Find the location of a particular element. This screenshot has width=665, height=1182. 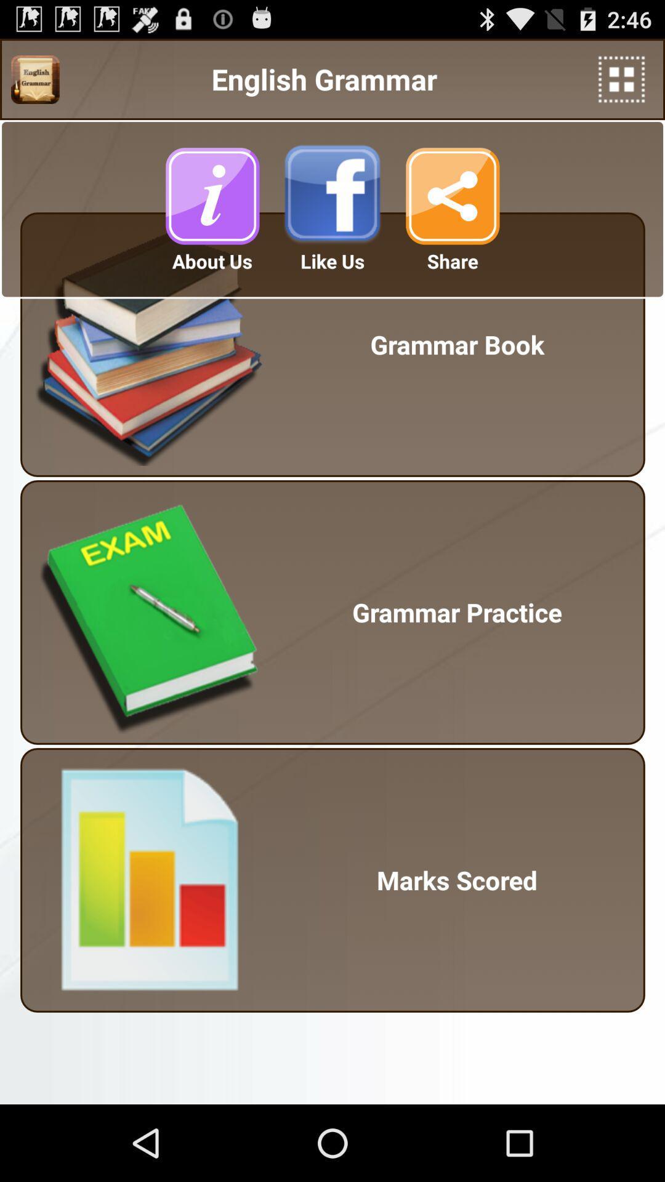

the item next to english grammar app is located at coordinates (34, 79).